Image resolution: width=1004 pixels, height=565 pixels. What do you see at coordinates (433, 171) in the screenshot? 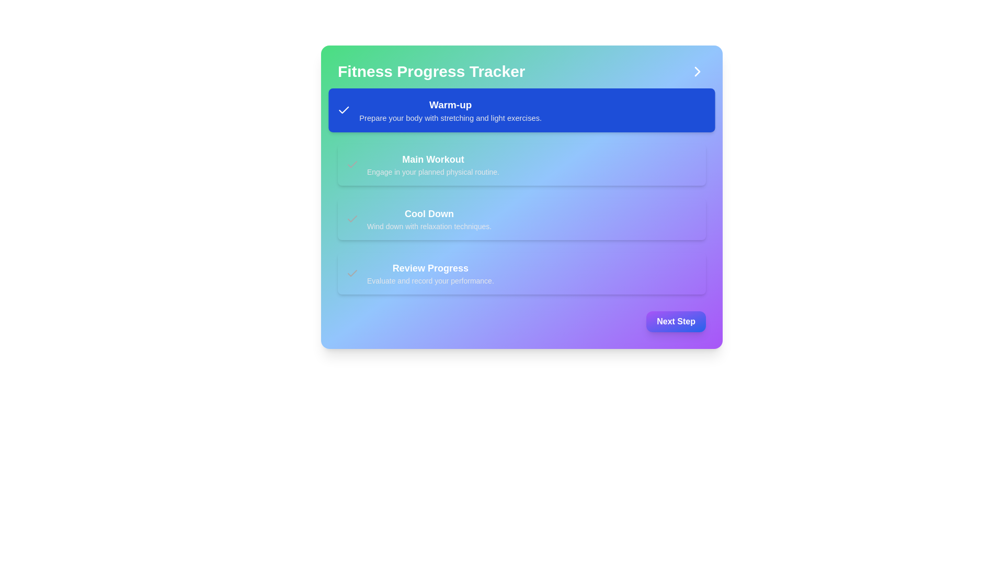
I see `the text label reading 'Engage in your planned physical routine.' which is styled in light gray and appears below the title 'Main Workout.'` at bounding box center [433, 171].